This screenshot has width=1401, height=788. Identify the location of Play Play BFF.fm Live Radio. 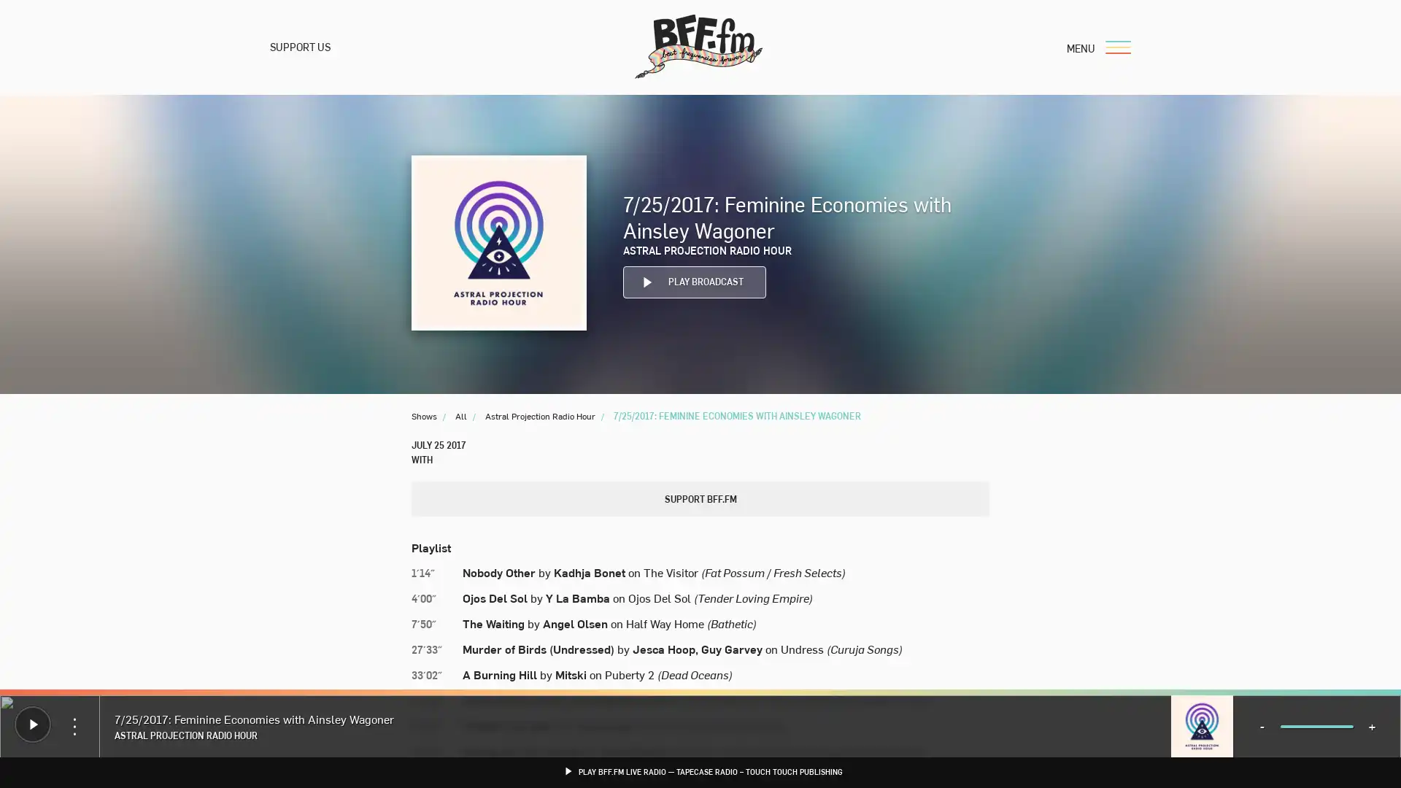
(14, 710).